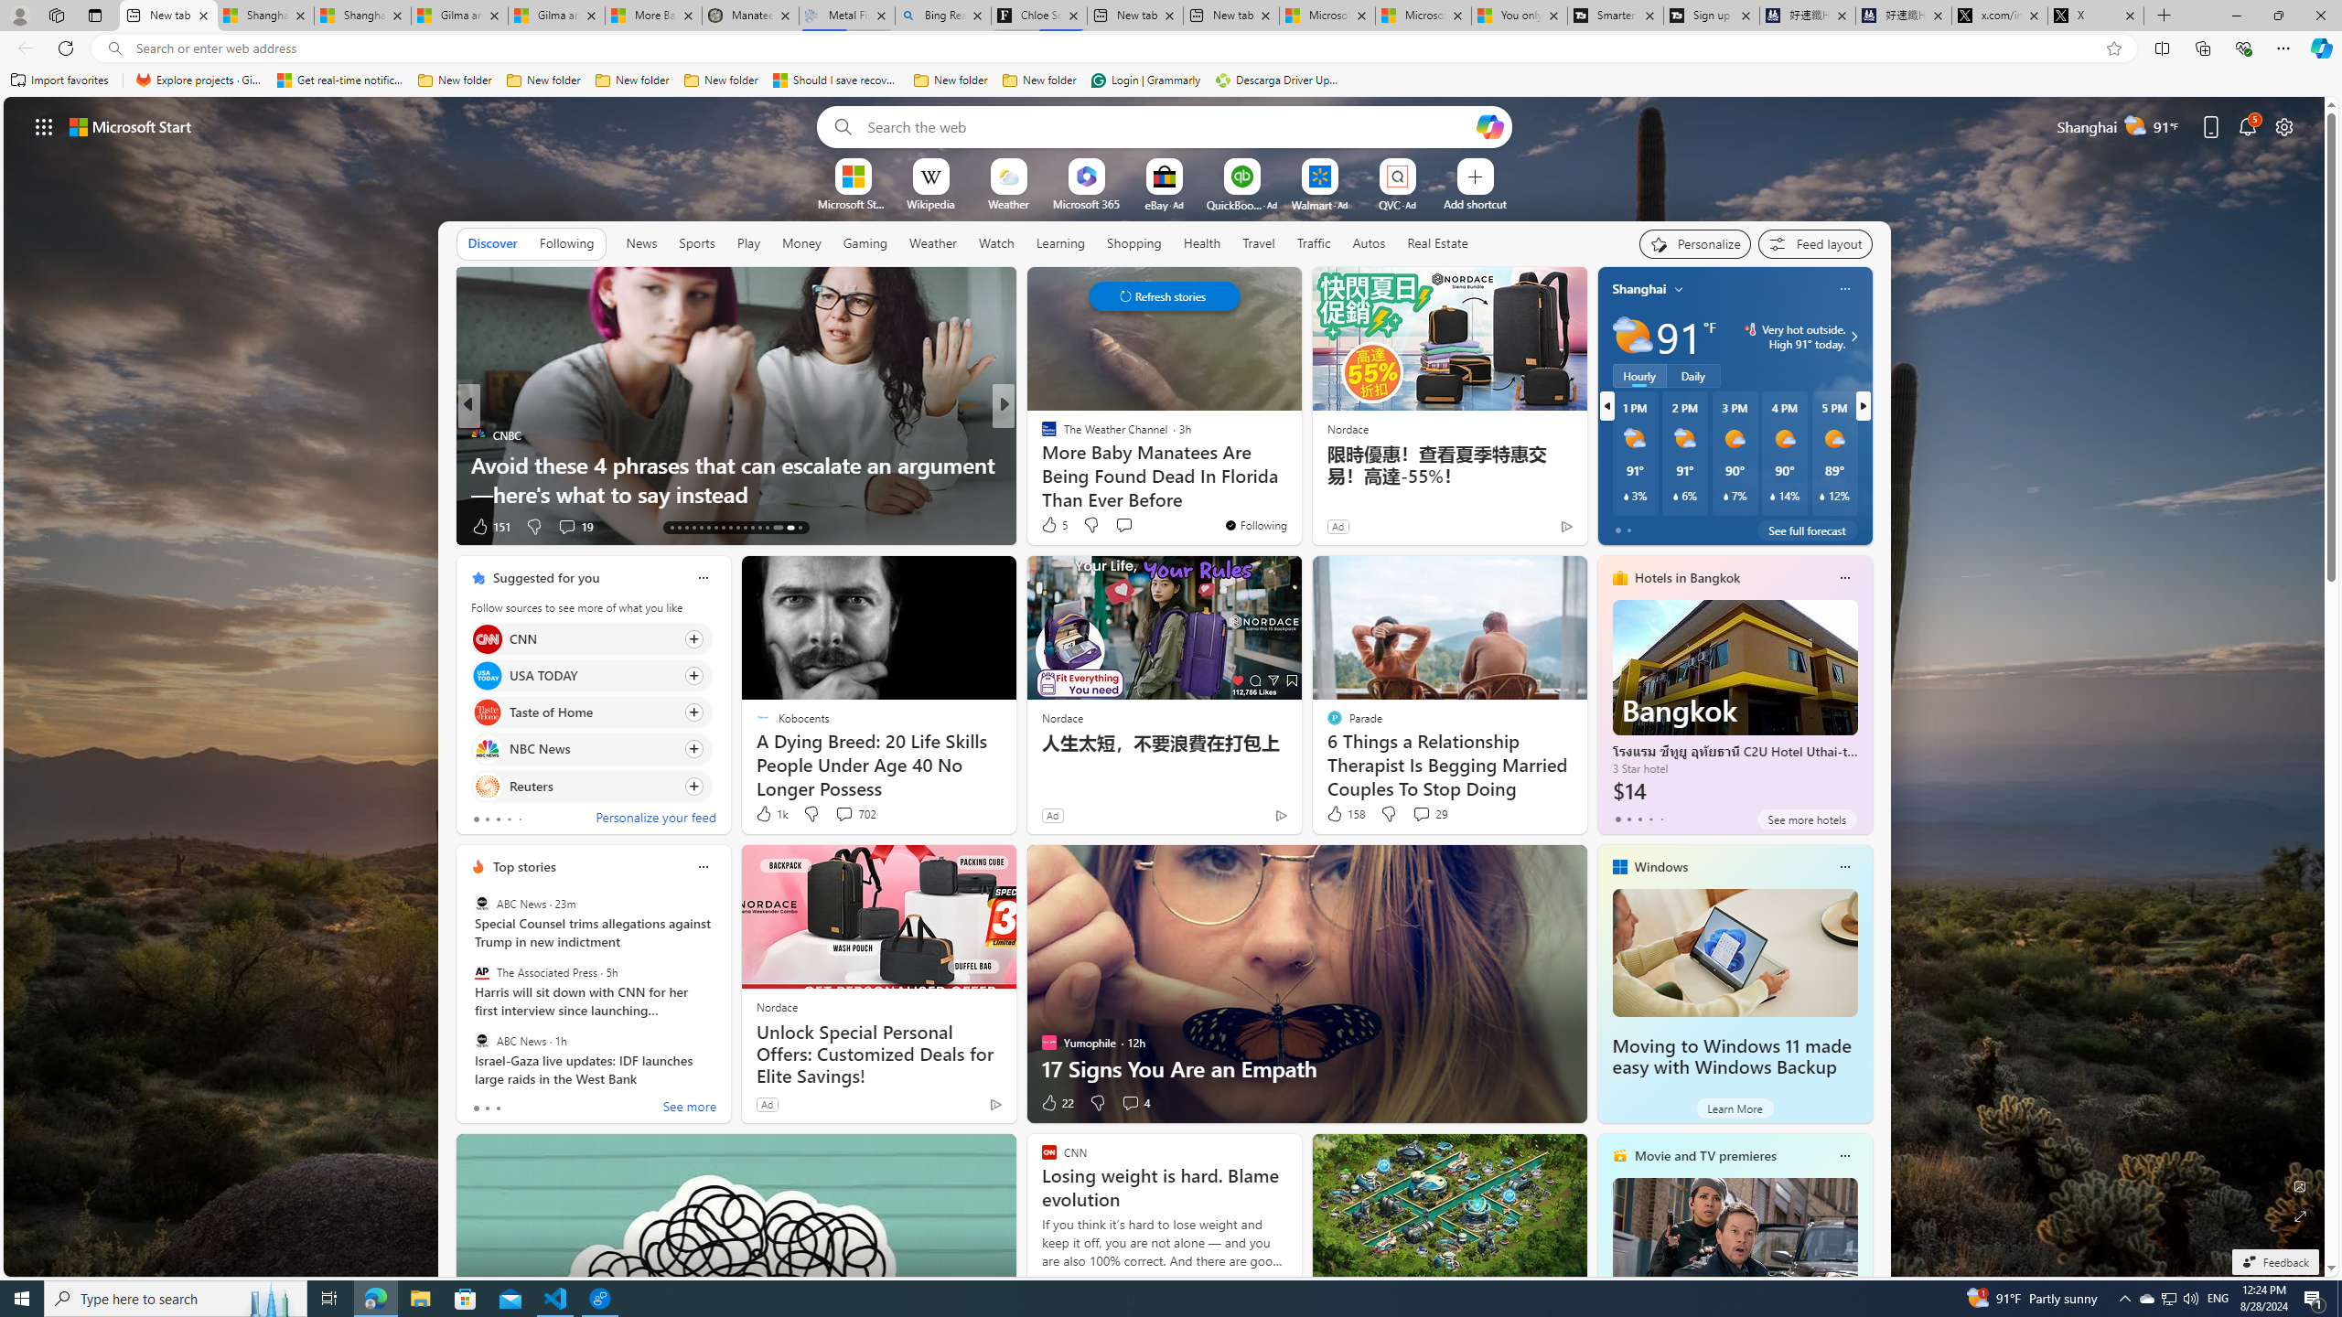  I want to click on 'View comments 19 Comment', so click(574, 526).